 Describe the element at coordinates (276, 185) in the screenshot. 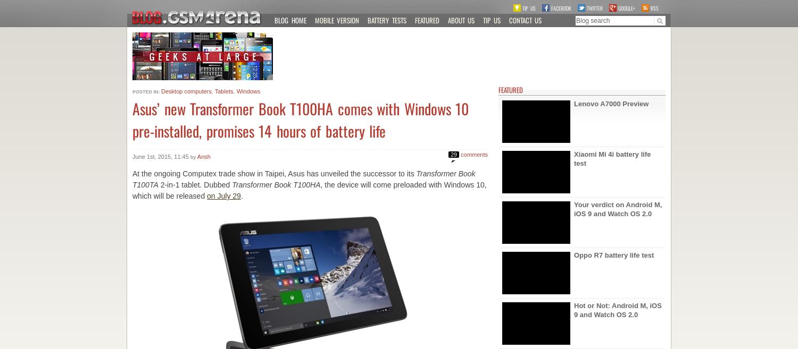

I see `'Transformer Book T100HA'` at that location.